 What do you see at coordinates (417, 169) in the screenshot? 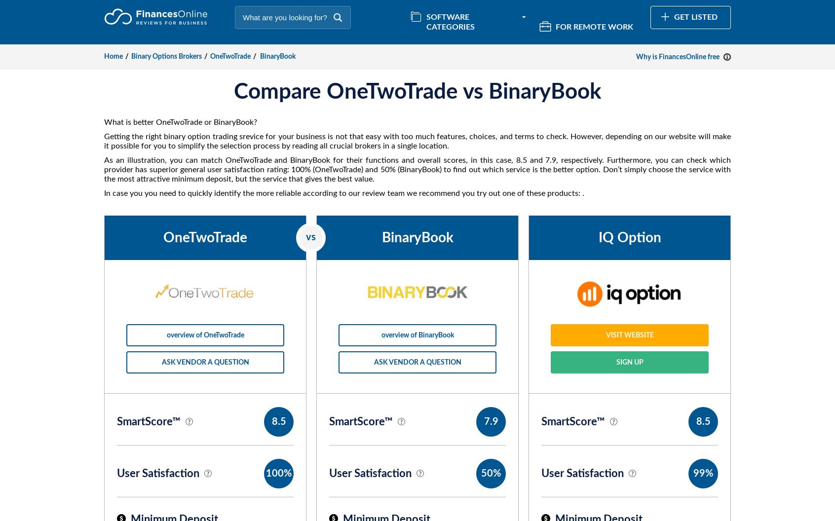
I see `'As an illustration, you can match OneTwoTrade and BinaryBook for their functions and overall scores, in this case, 8.5 and 7.9, respectively. Furthermore, you can check which provider has superior general user satisfaction rating: 100% (OneTwoTrade) and 50% (BinaryBook) to find out which service is the better option. Don’t simply choose the service with the most attractive minimum deposit, but the service that gives the best value.'` at bounding box center [417, 169].